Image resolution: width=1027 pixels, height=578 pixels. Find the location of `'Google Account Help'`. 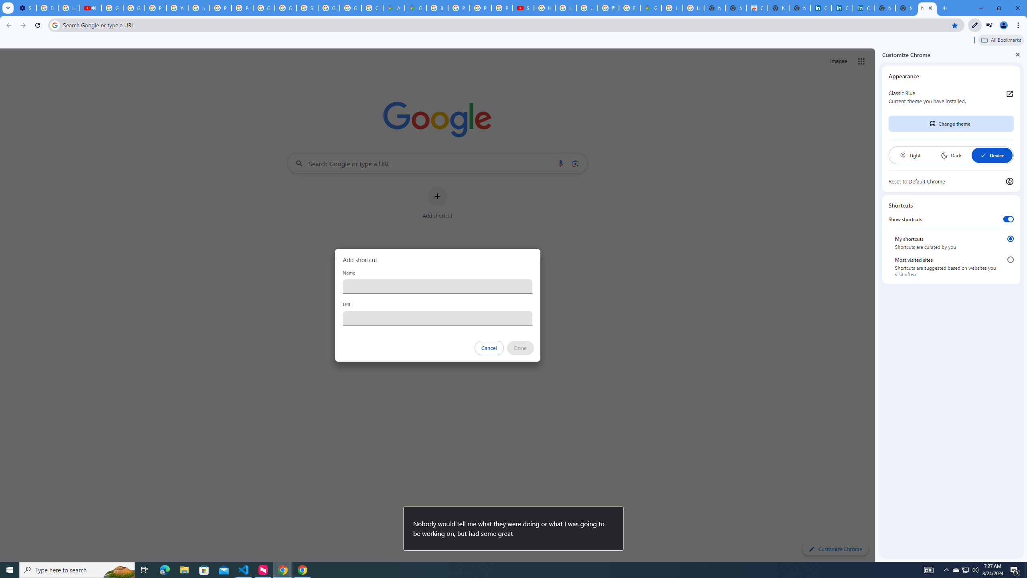

'Google Account Help' is located at coordinates (112, 8).